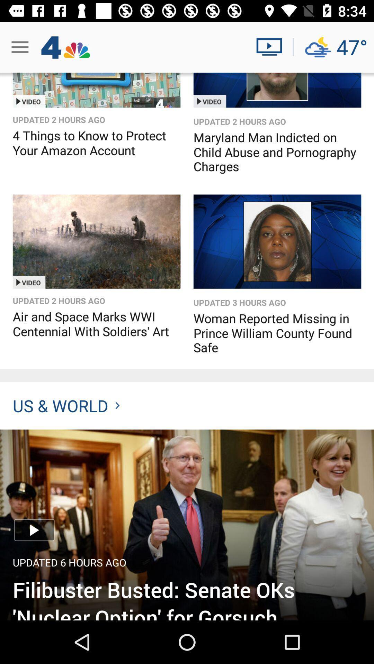  What do you see at coordinates (271, 47) in the screenshot?
I see `watch live news videos` at bounding box center [271, 47].